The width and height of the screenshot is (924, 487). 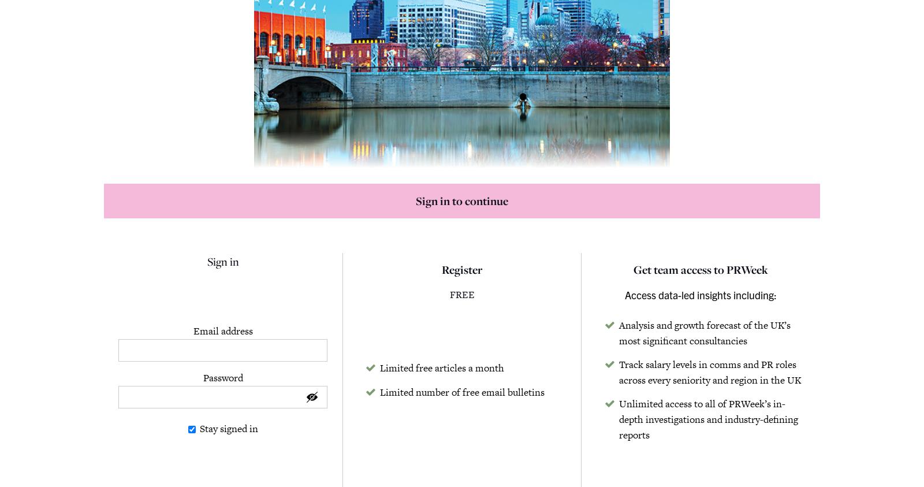 What do you see at coordinates (700, 270) in the screenshot?
I see `'Get team access to PRWeek'` at bounding box center [700, 270].